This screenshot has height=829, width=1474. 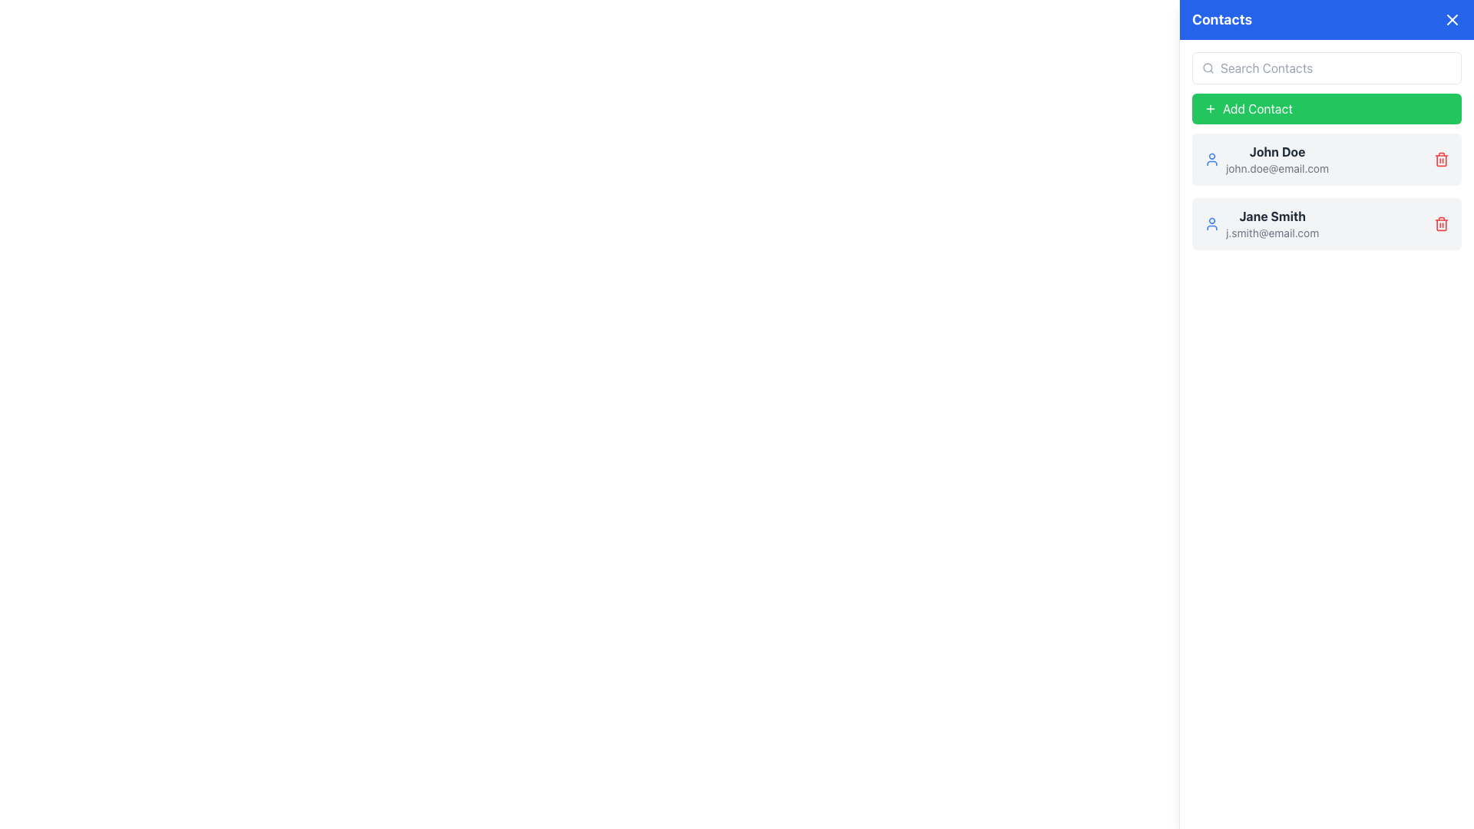 I want to click on the 'Add Contact' icon located in the top right sidebar, so click(x=1210, y=108).